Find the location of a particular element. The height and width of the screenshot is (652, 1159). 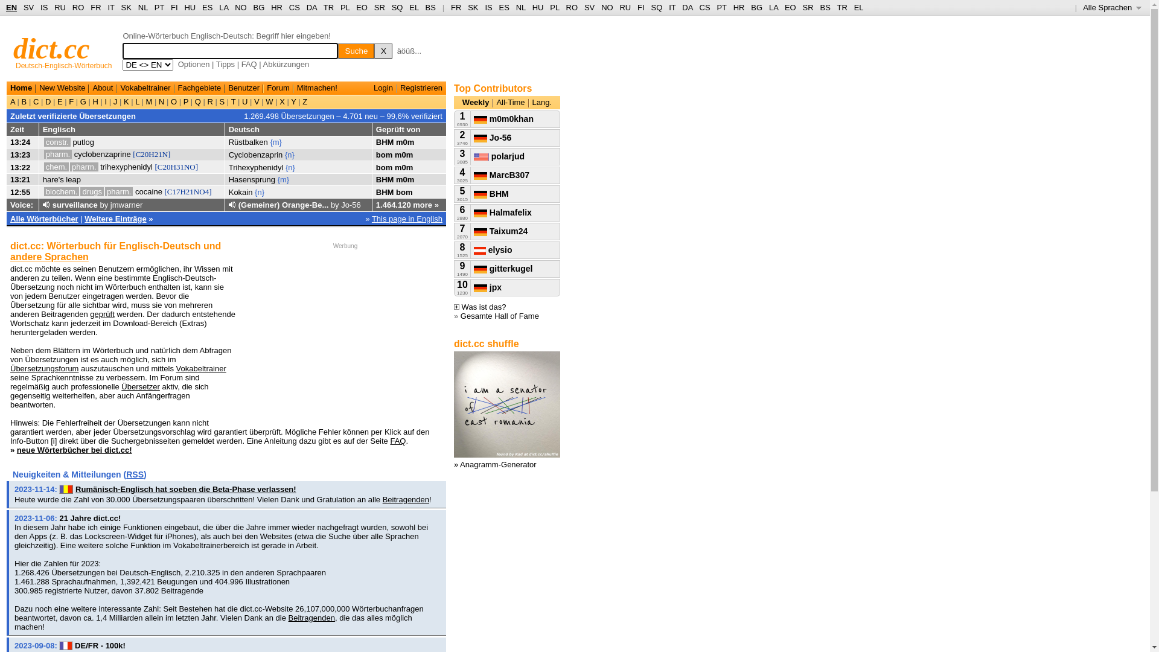

'Home' is located at coordinates (21, 87).